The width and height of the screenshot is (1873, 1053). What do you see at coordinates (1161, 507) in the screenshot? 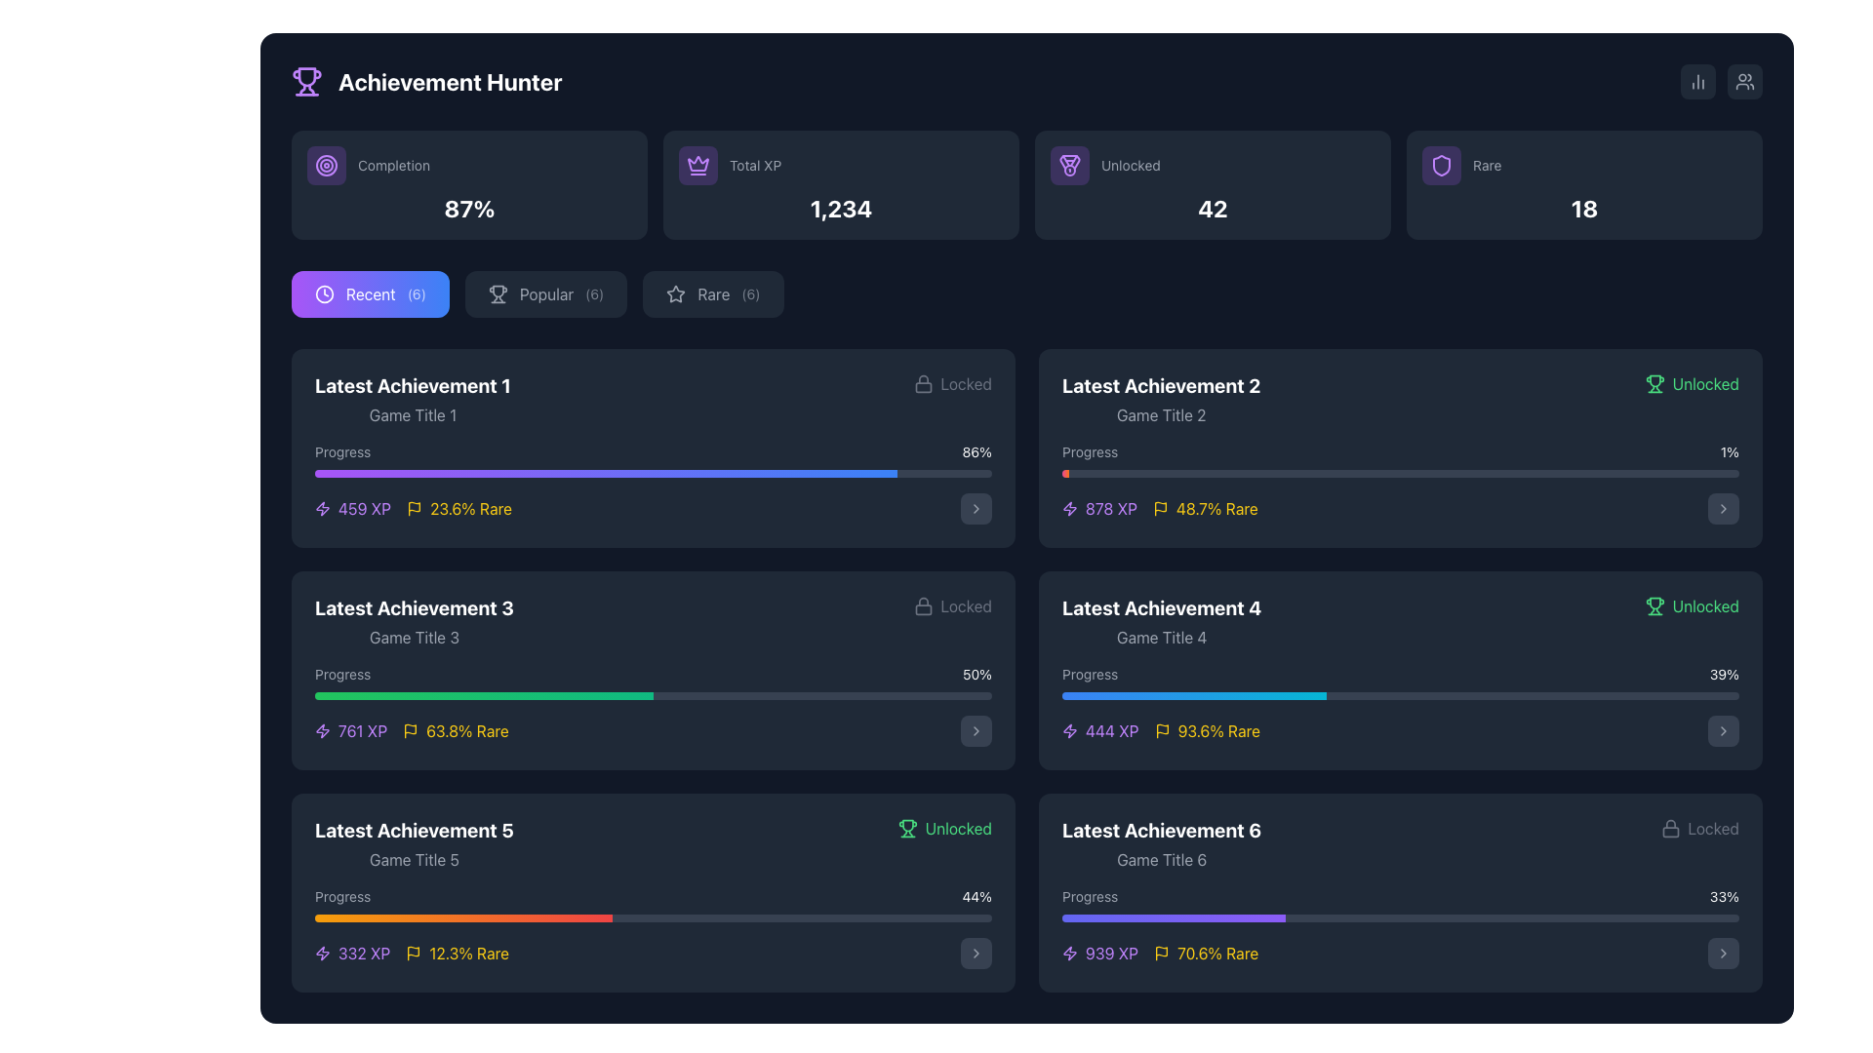
I see `the small, yellow flag SVG icon located to the left of the text '48.7% Rare' in the 'Latest Achievement 2' panel` at bounding box center [1161, 507].